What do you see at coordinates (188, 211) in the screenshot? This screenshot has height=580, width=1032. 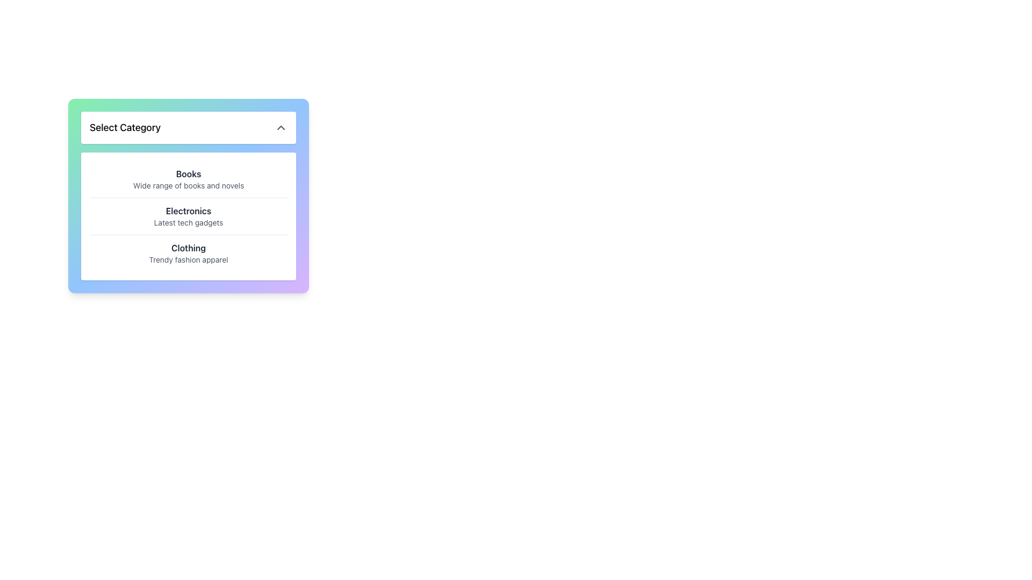 I see `Static Label displaying 'Electronics', which is bold black text positioned between 'Books' and 'Clothing' in the vertical list` at bounding box center [188, 211].